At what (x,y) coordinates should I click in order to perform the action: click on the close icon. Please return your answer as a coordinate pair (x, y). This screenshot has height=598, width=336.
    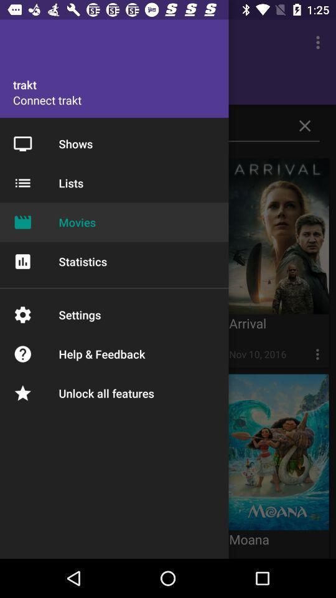
    Looking at the image, I should click on (304, 126).